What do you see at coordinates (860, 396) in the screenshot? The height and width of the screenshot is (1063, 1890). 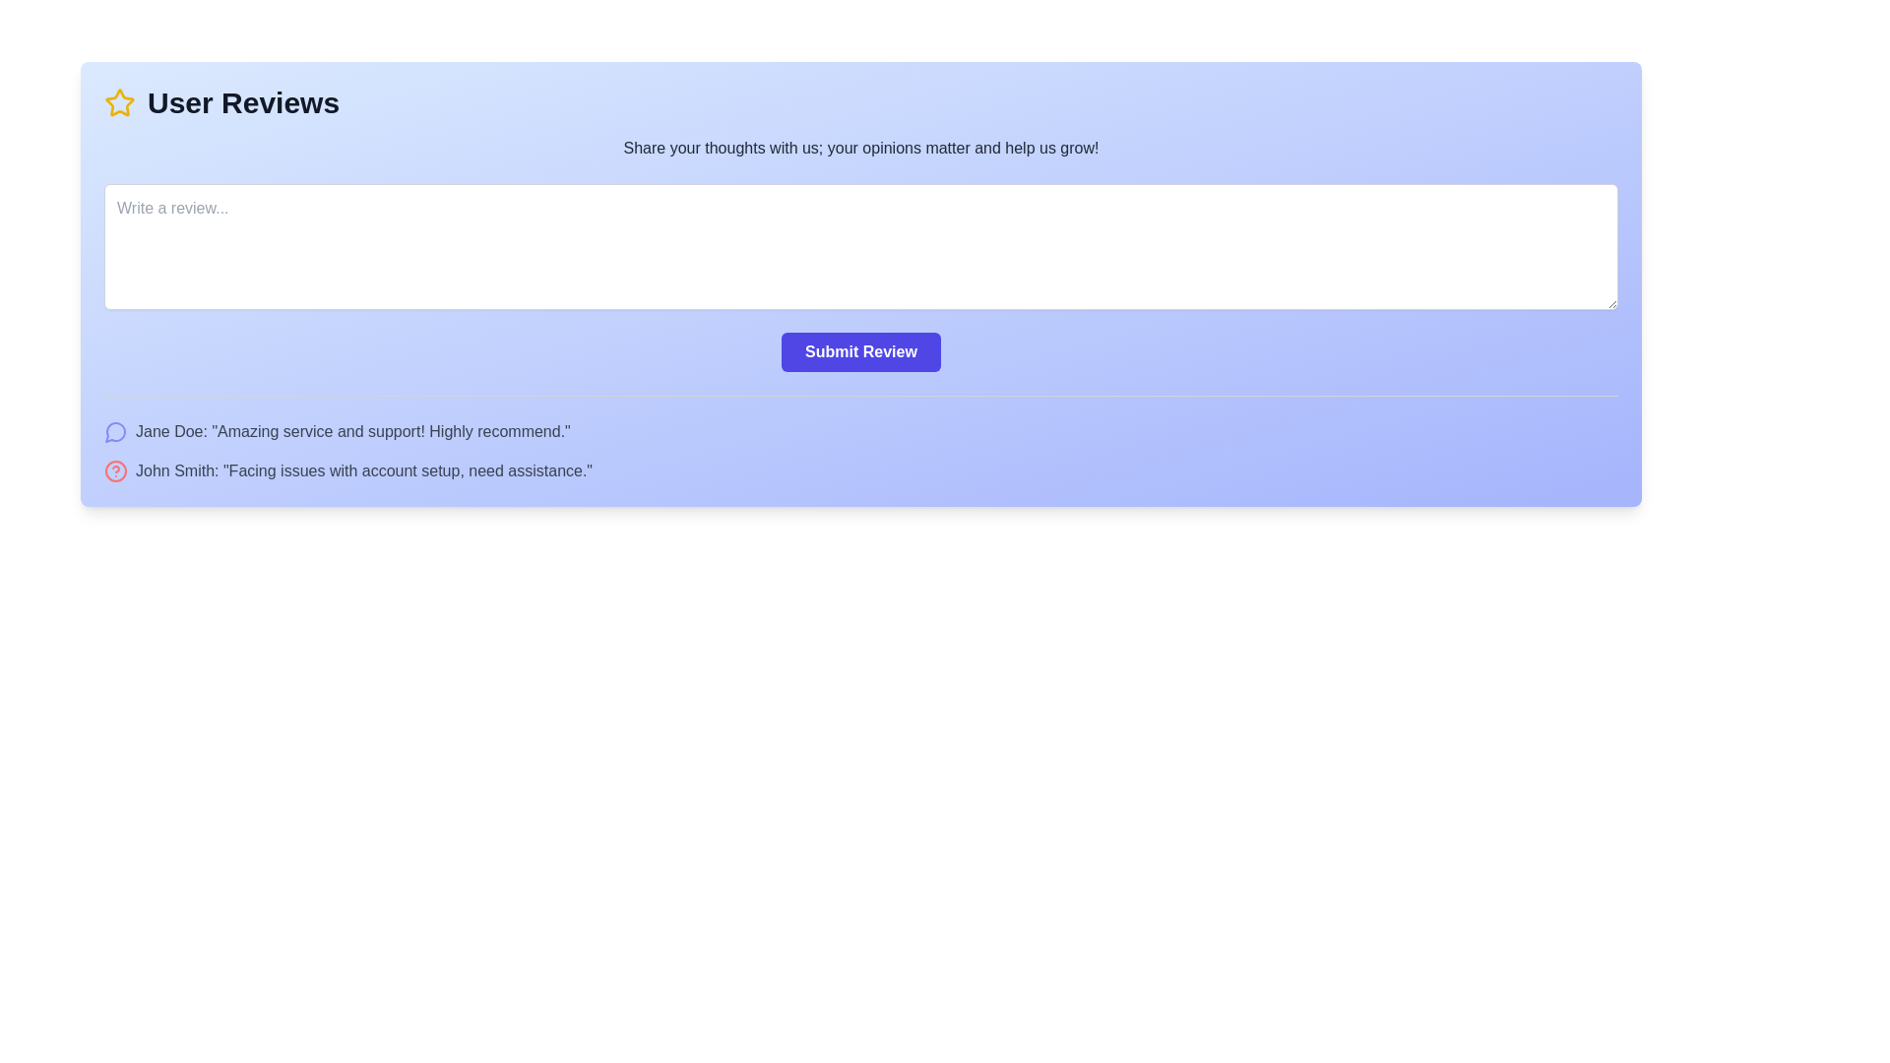 I see `the horizontal divider line styled with a gray border, located beneath the 'Submit Review' button and above the list of user reviews` at bounding box center [860, 396].